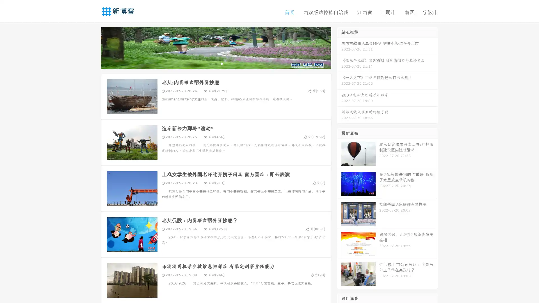  Describe the element at coordinates (93, 47) in the screenshot. I see `Previous slide` at that location.